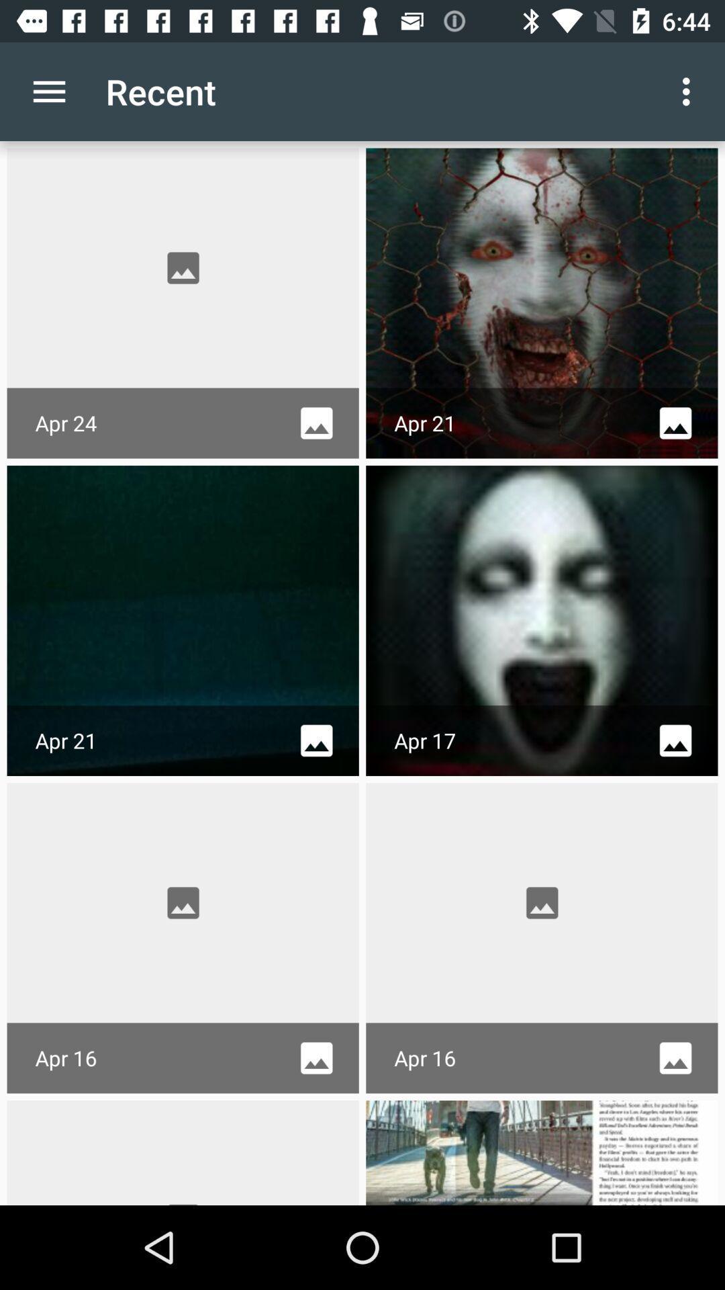 This screenshot has height=1290, width=725. What do you see at coordinates (689, 91) in the screenshot?
I see `the icon to the right of recent icon` at bounding box center [689, 91].